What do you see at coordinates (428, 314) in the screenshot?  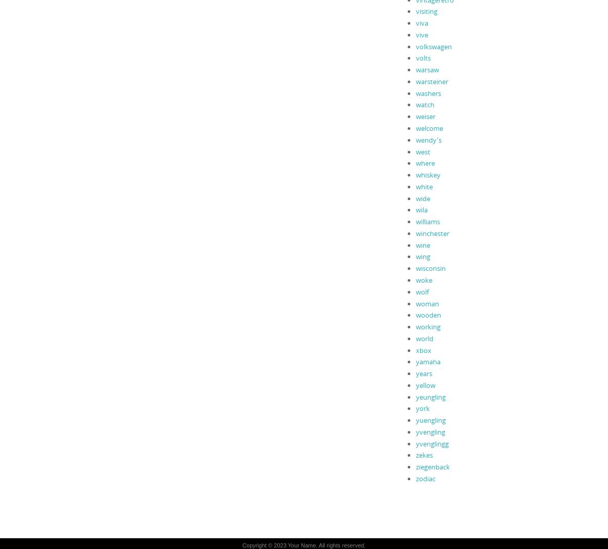 I see `'wooden'` at bounding box center [428, 314].